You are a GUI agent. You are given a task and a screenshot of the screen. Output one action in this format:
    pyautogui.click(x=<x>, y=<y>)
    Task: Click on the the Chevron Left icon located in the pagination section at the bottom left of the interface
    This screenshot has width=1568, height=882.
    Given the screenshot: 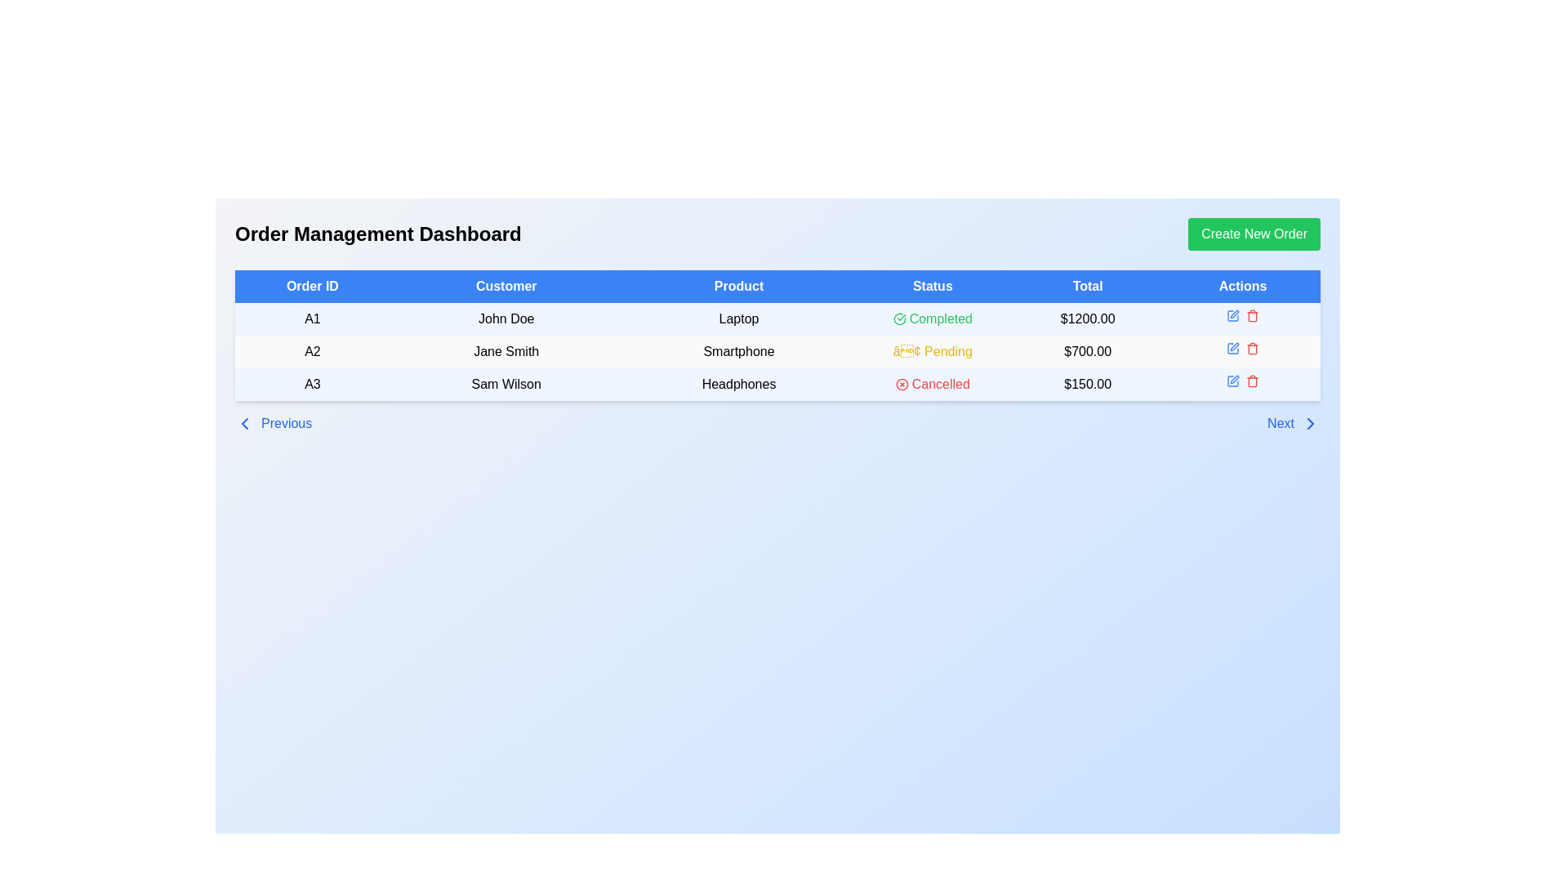 What is the action you would take?
    pyautogui.click(x=243, y=423)
    